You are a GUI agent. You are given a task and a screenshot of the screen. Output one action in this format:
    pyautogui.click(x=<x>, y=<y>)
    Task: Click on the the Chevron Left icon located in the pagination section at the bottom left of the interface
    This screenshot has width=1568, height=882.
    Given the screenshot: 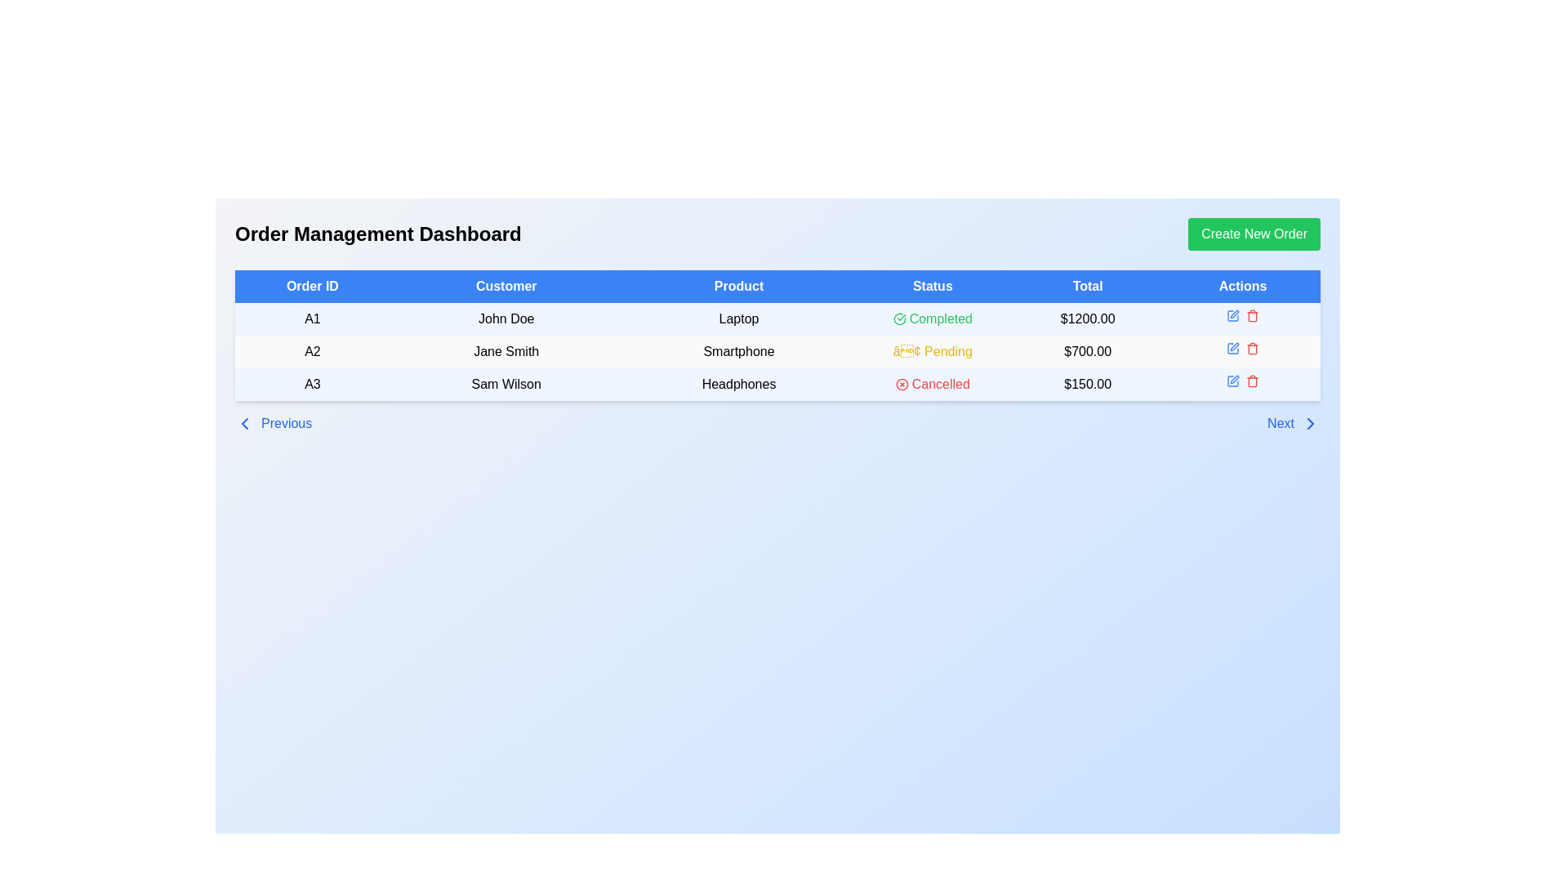 What is the action you would take?
    pyautogui.click(x=243, y=423)
    